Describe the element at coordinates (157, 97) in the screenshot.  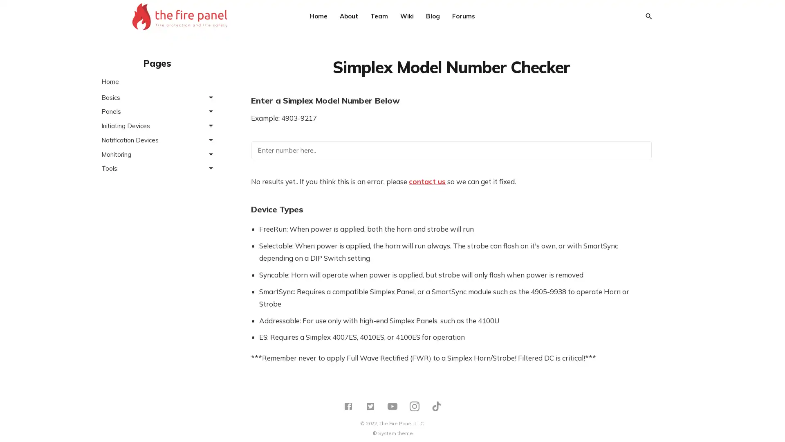
I see `Basics` at that location.